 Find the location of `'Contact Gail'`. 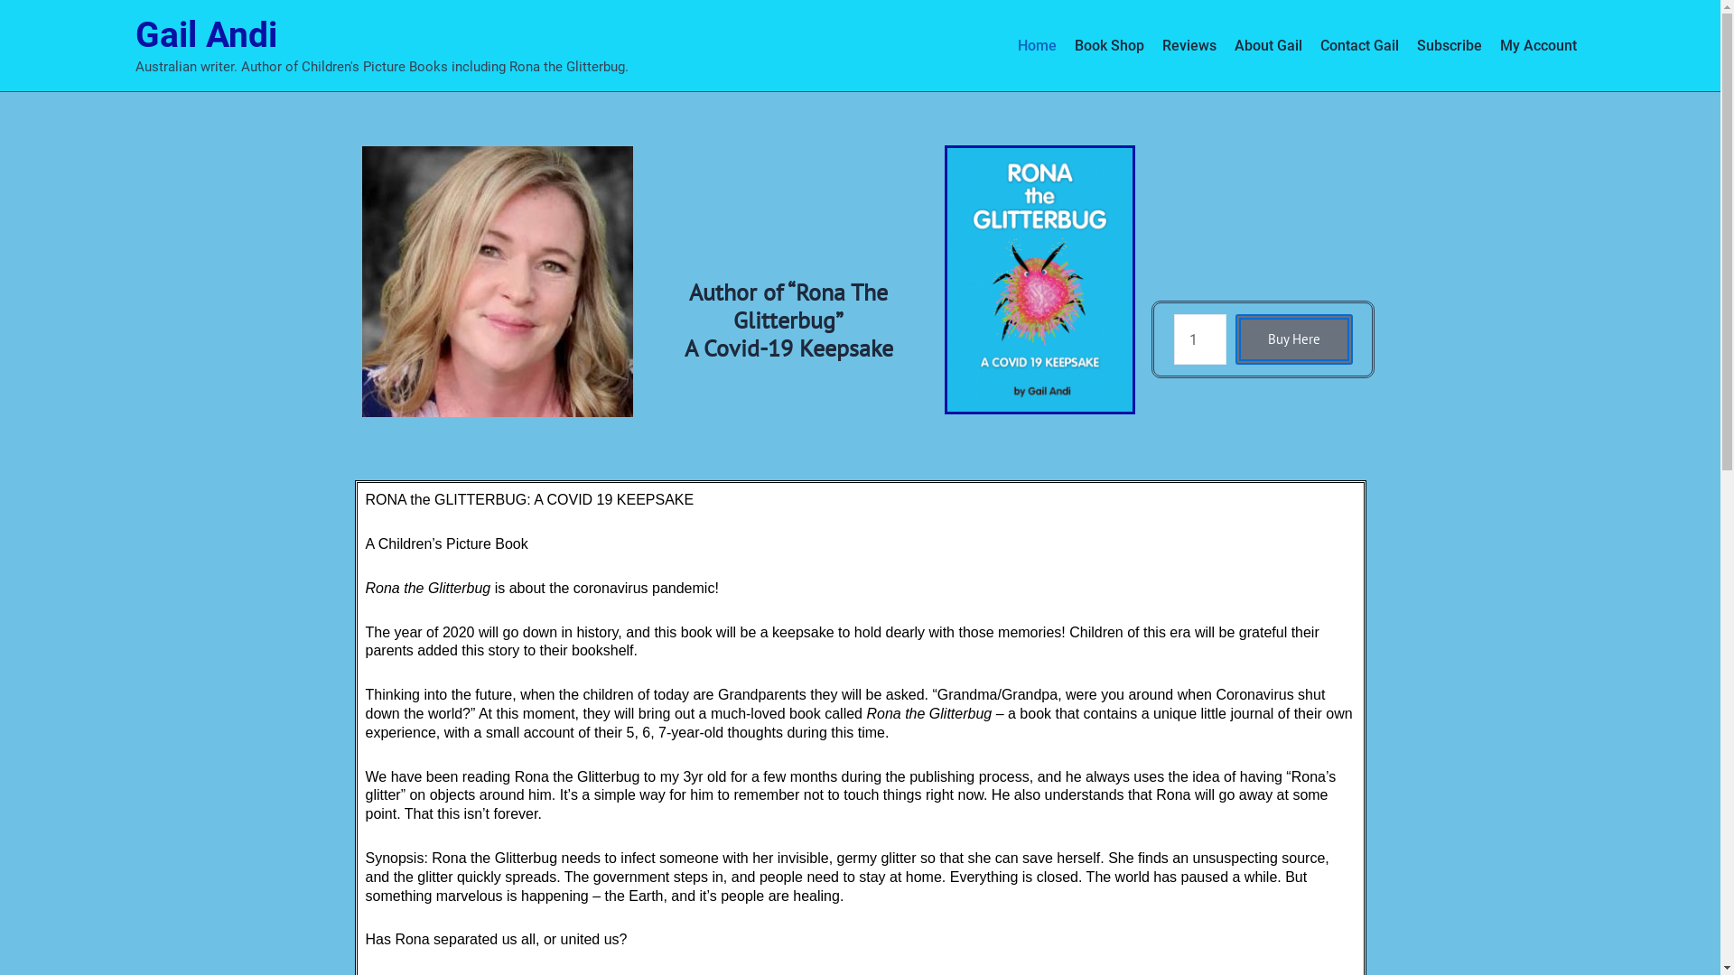

'Contact Gail' is located at coordinates (1359, 44).